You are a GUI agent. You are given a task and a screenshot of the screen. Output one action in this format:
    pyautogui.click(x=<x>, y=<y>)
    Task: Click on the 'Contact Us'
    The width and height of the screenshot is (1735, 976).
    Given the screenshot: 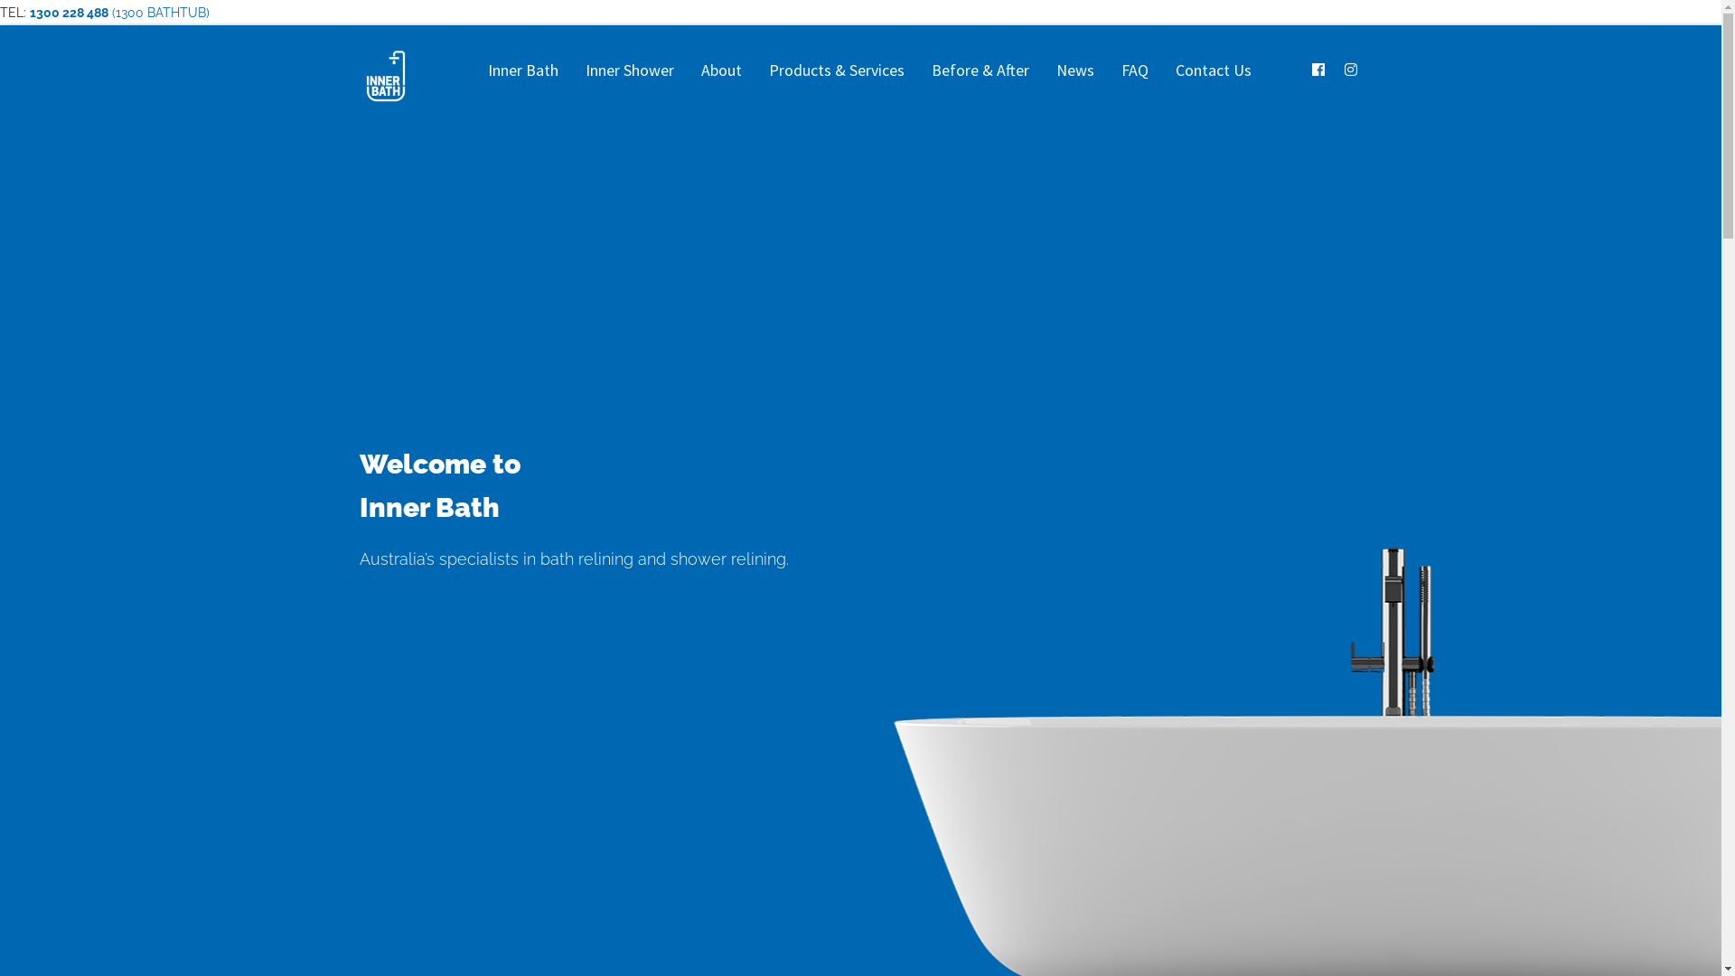 What is the action you would take?
    pyautogui.click(x=1214, y=69)
    